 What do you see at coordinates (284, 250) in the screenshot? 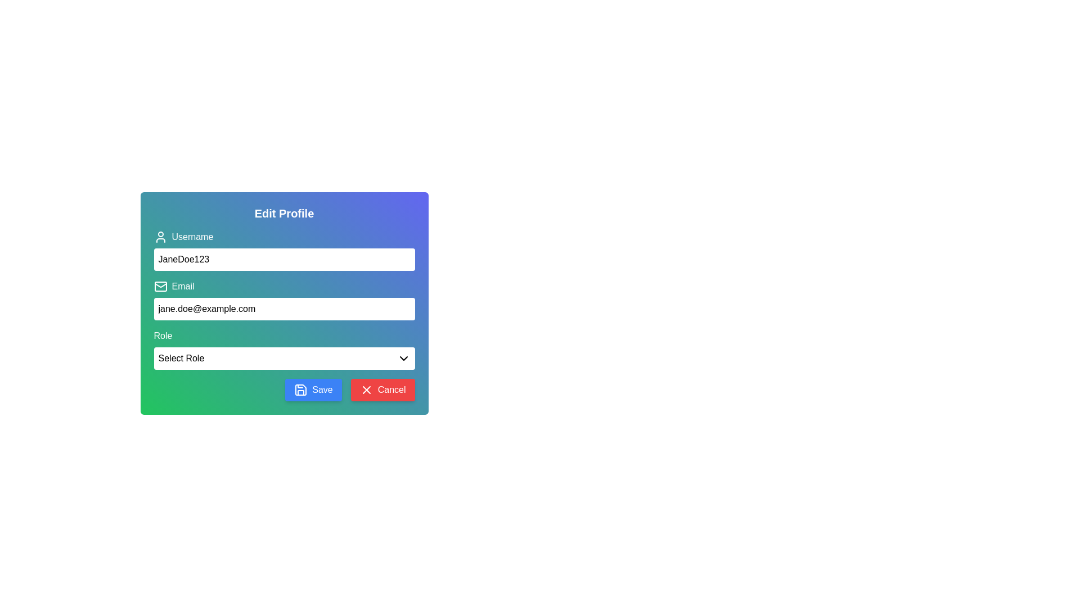
I see `the text input field for 'Username' which has a rounded white background and displays the predefined text 'JaneDoe123' to trigger the tooltip` at bounding box center [284, 250].